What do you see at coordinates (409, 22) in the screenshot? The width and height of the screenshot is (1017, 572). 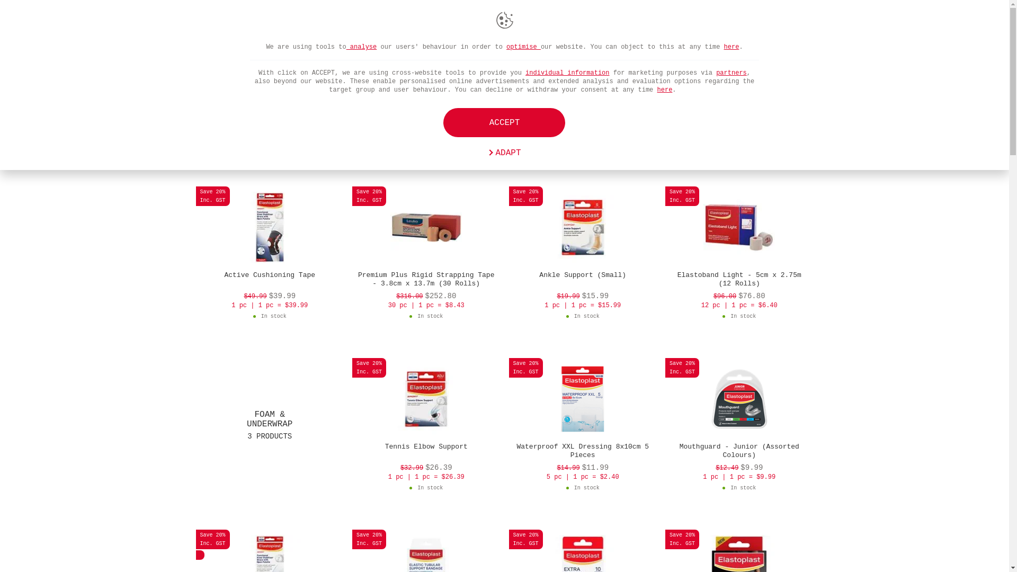 I see `'EDUCATION & TRAINING'` at bounding box center [409, 22].